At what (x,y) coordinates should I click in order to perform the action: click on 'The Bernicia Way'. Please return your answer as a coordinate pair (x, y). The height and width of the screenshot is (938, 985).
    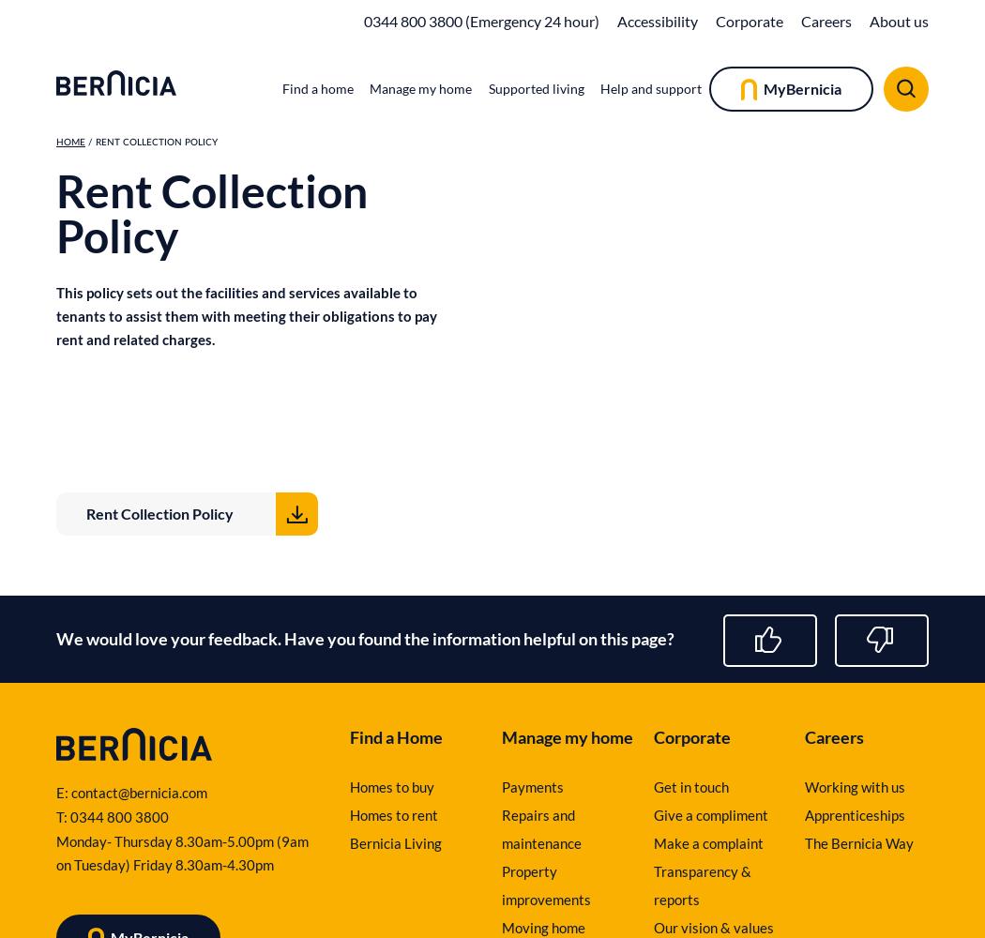
    Looking at the image, I should click on (859, 843).